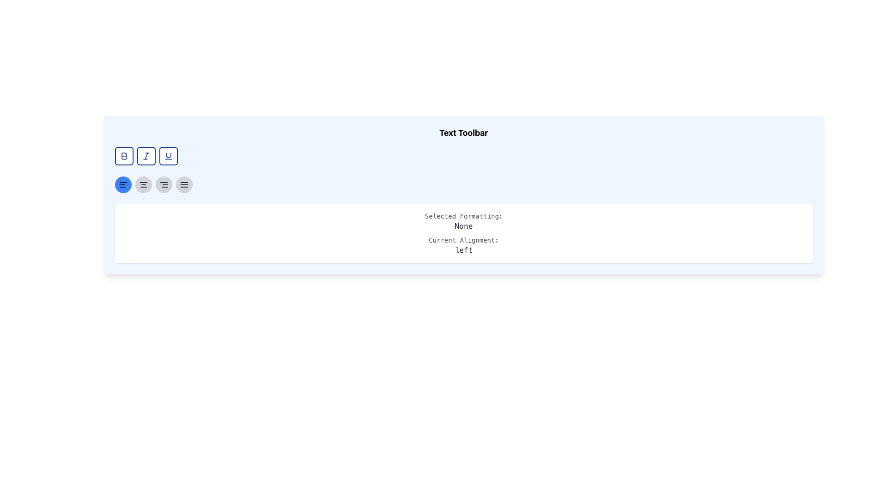  I want to click on the second icon in the horizontal row of text alignment buttons to set the text alignment to 'center', so click(143, 185).